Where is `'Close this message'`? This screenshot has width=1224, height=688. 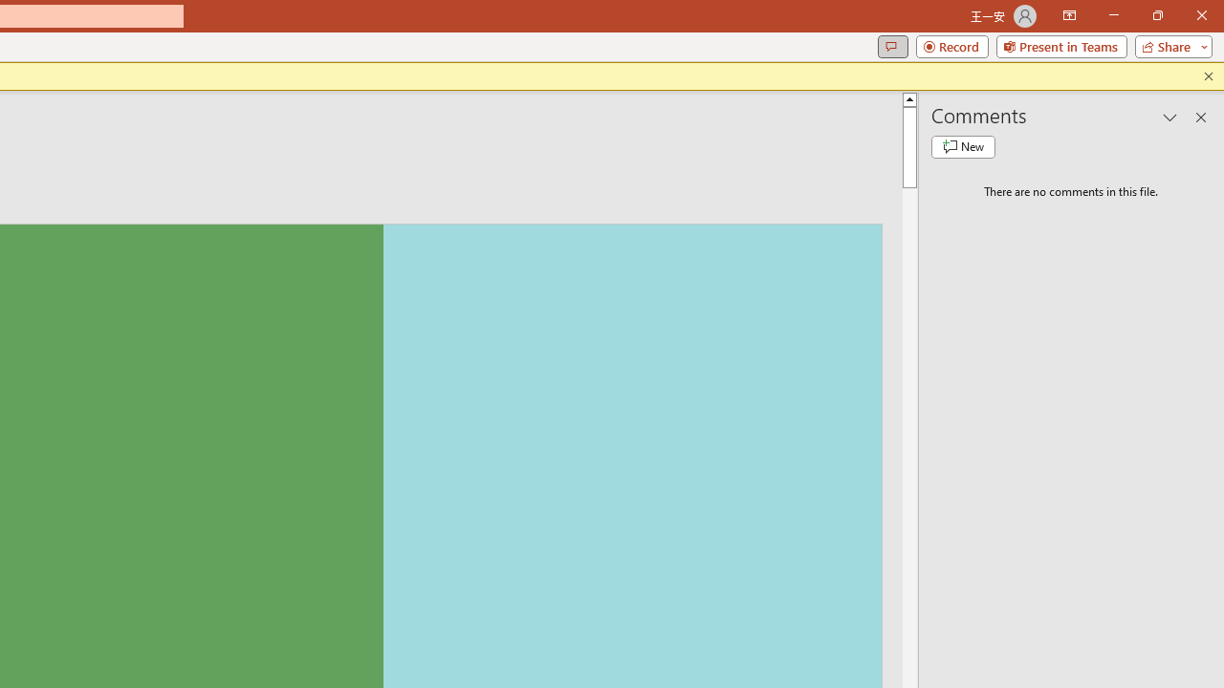 'Close this message' is located at coordinates (1208, 75).